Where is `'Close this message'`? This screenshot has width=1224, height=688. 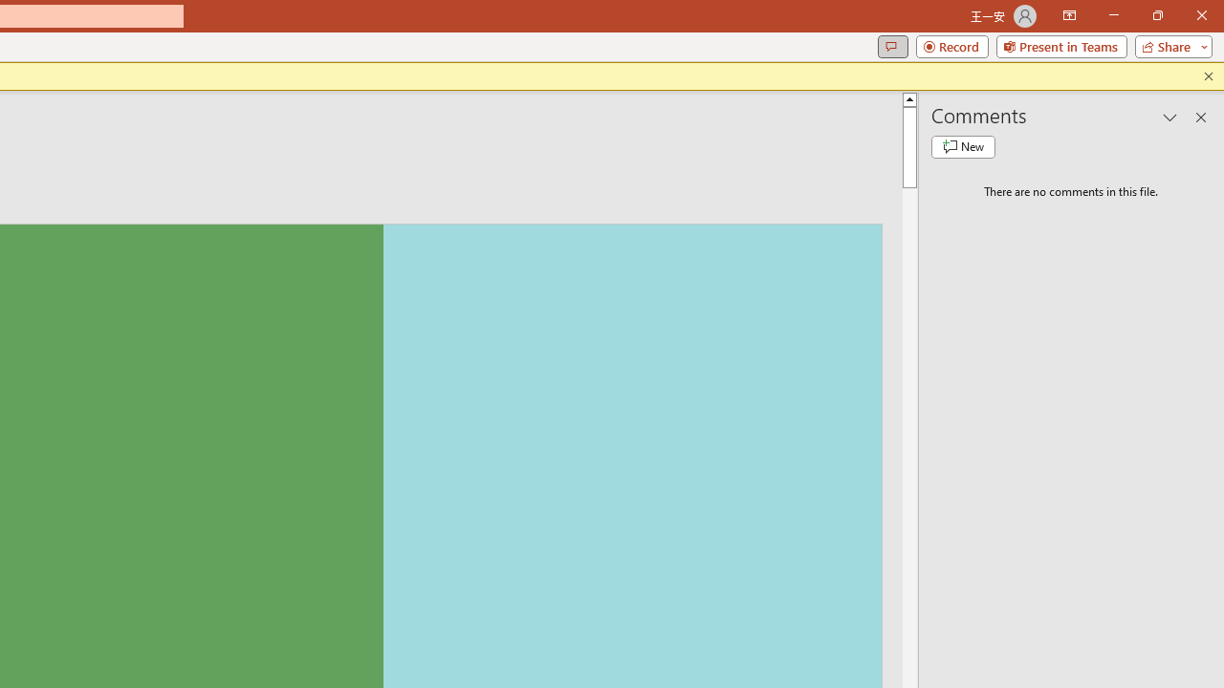 'Close this message' is located at coordinates (1208, 75).